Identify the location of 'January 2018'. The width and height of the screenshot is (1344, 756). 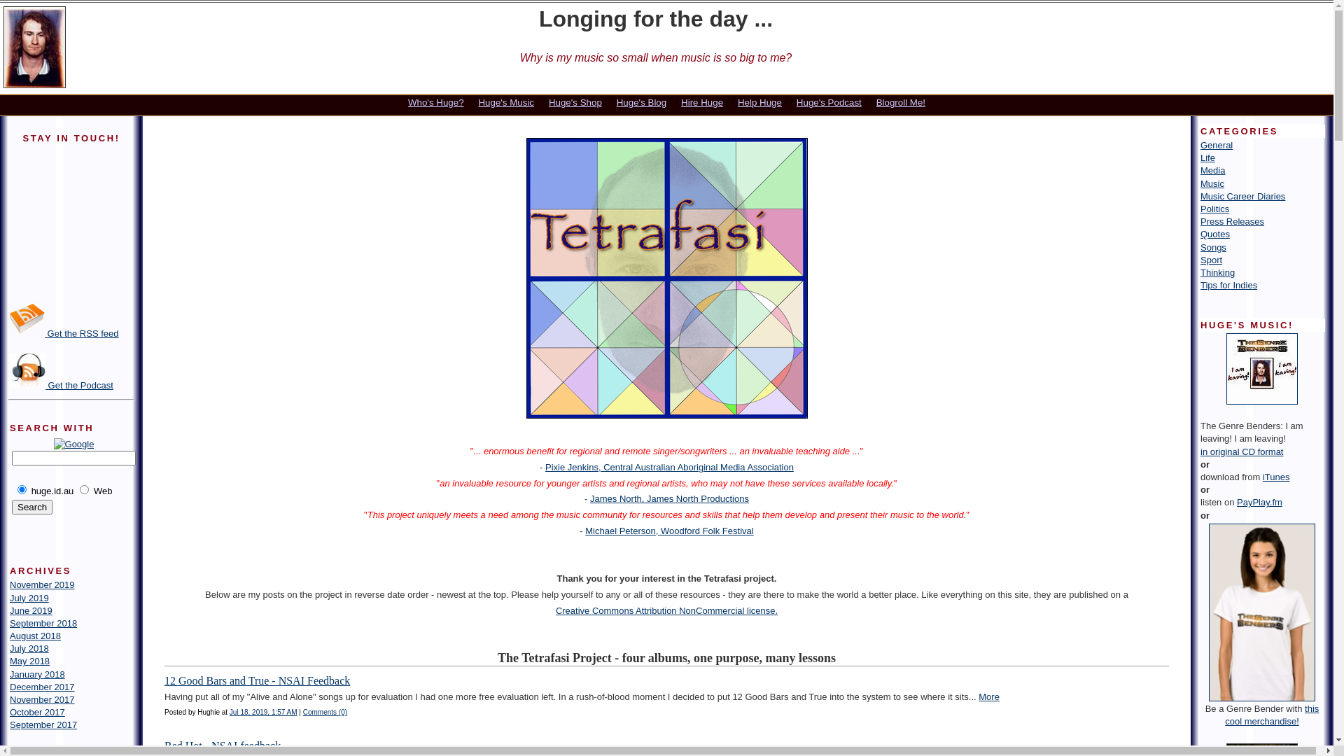
(37, 673).